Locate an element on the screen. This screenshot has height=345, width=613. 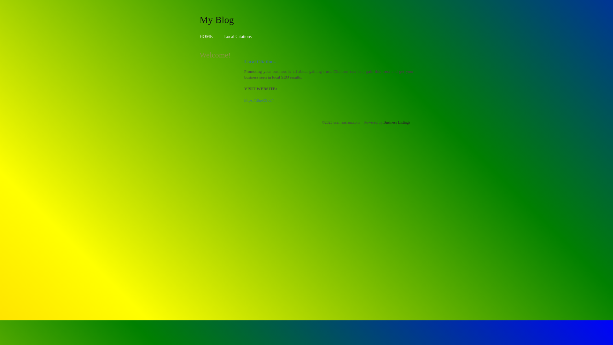
'https://dha-39.cf/' is located at coordinates (258, 100).